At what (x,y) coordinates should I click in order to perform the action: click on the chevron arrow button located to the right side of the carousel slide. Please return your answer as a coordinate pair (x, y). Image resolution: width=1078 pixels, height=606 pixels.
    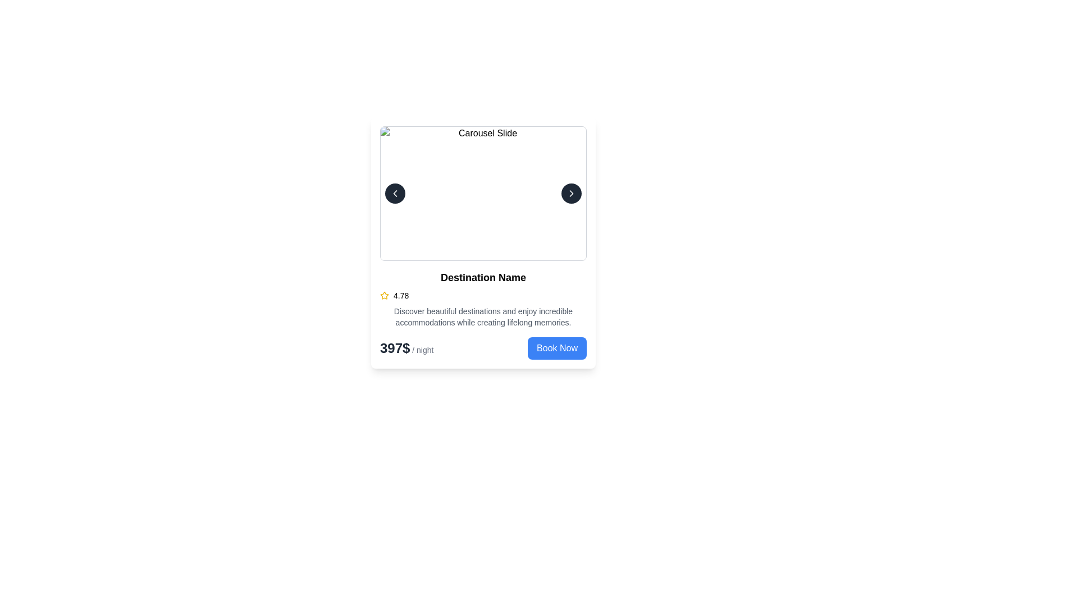
    Looking at the image, I should click on (571, 192).